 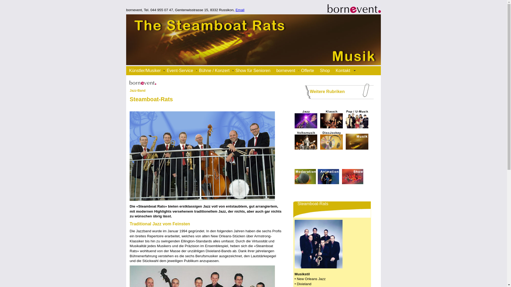 I want to click on 'klassische Musik', so click(x=320, y=119).